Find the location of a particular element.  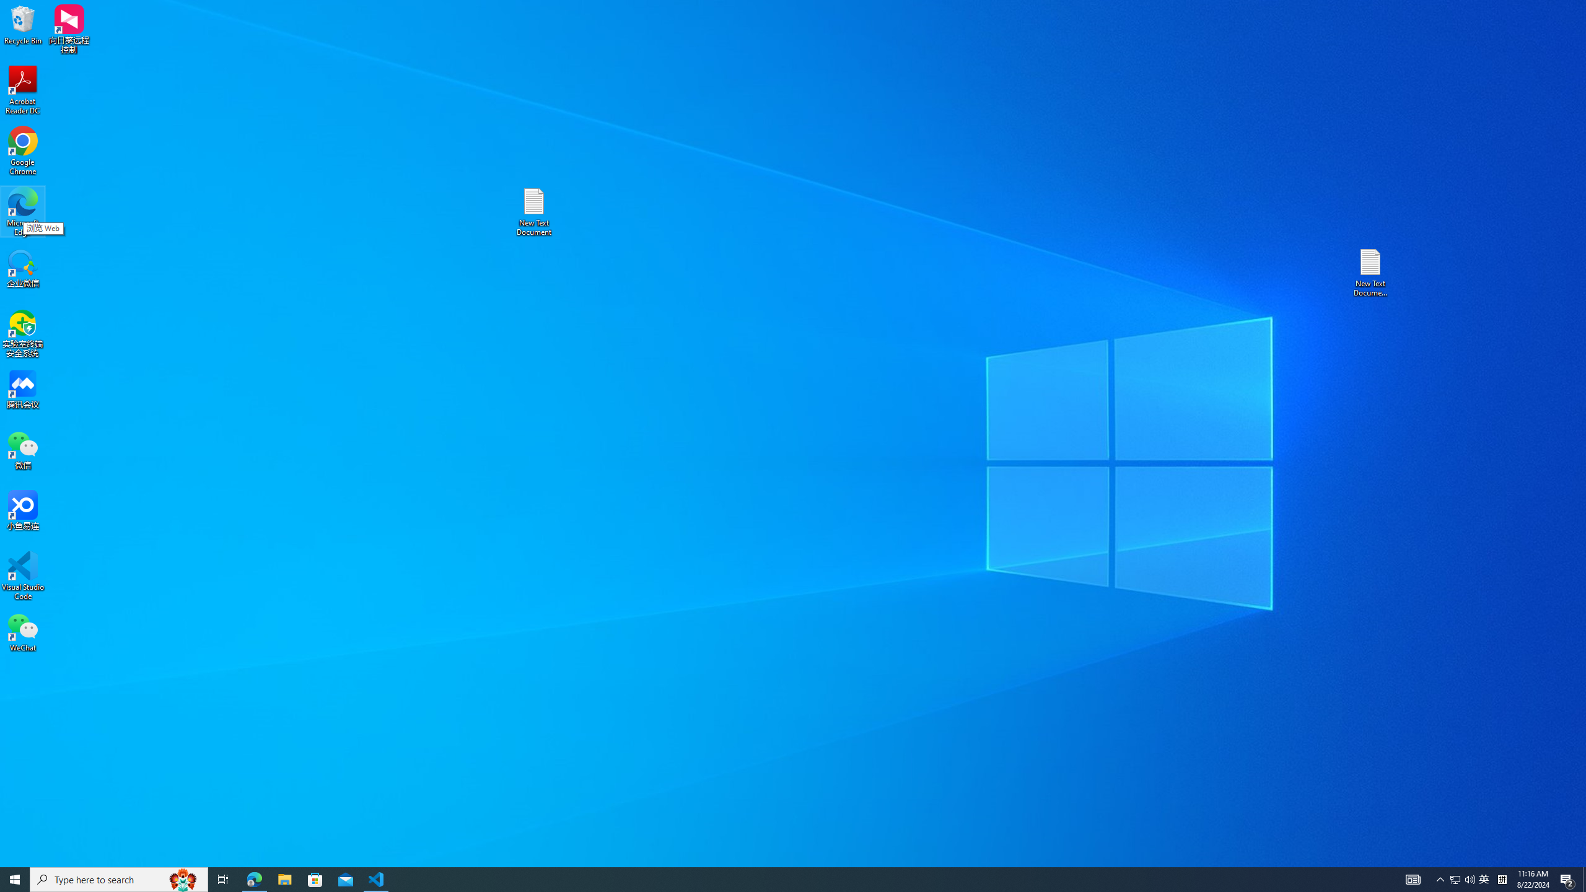

'Recycle Bin' is located at coordinates (22, 24).